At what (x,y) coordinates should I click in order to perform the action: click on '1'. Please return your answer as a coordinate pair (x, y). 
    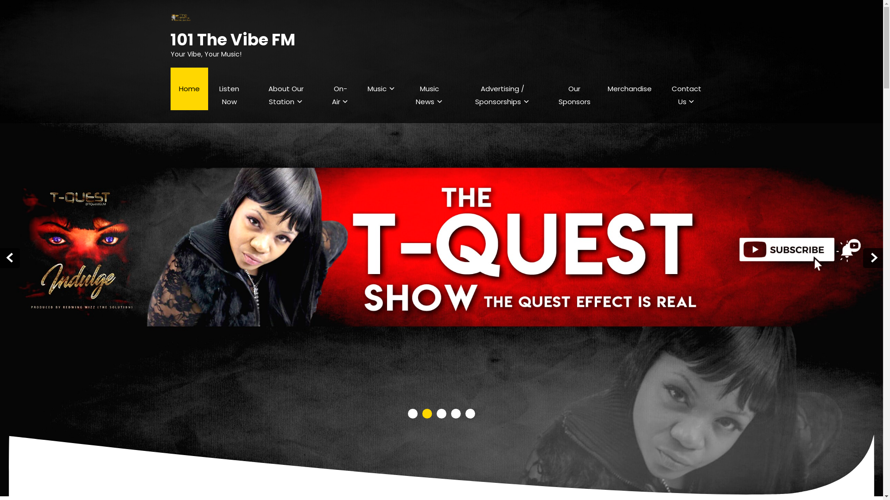
    Looking at the image, I should click on (412, 413).